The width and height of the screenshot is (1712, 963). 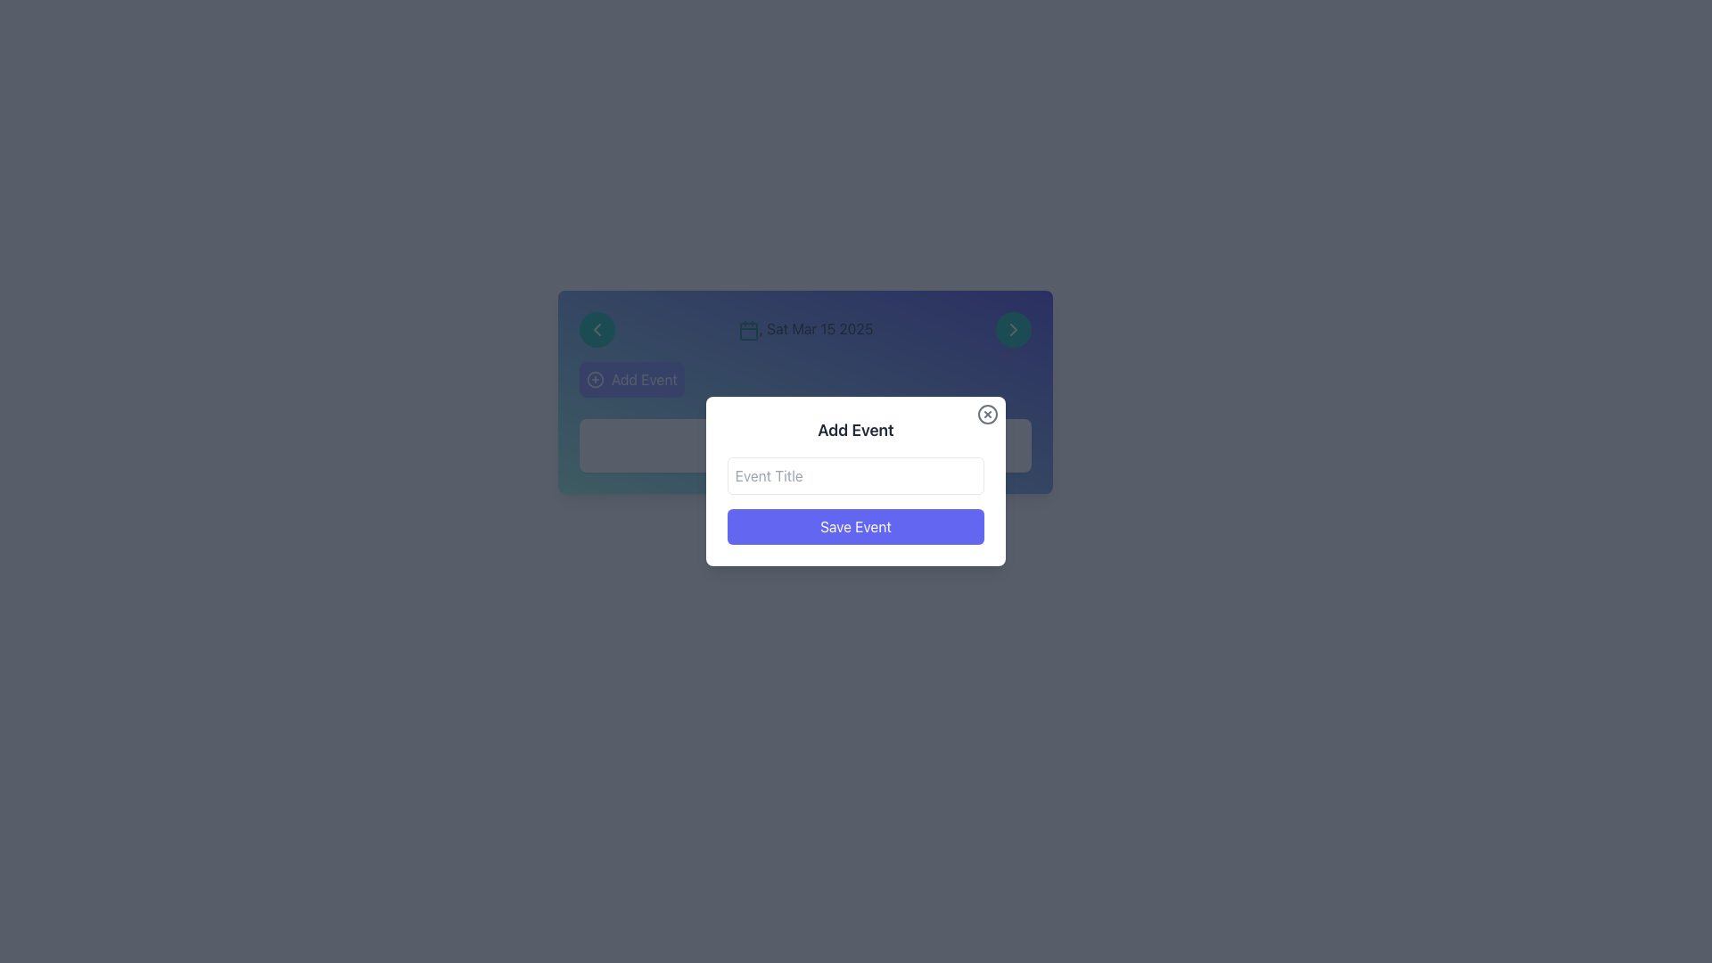 What do you see at coordinates (856, 430) in the screenshot?
I see `text from the title label of the dialog box, which is positioned at the top above the 'Event Title' input field and the 'Save Event' button` at bounding box center [856, 430].